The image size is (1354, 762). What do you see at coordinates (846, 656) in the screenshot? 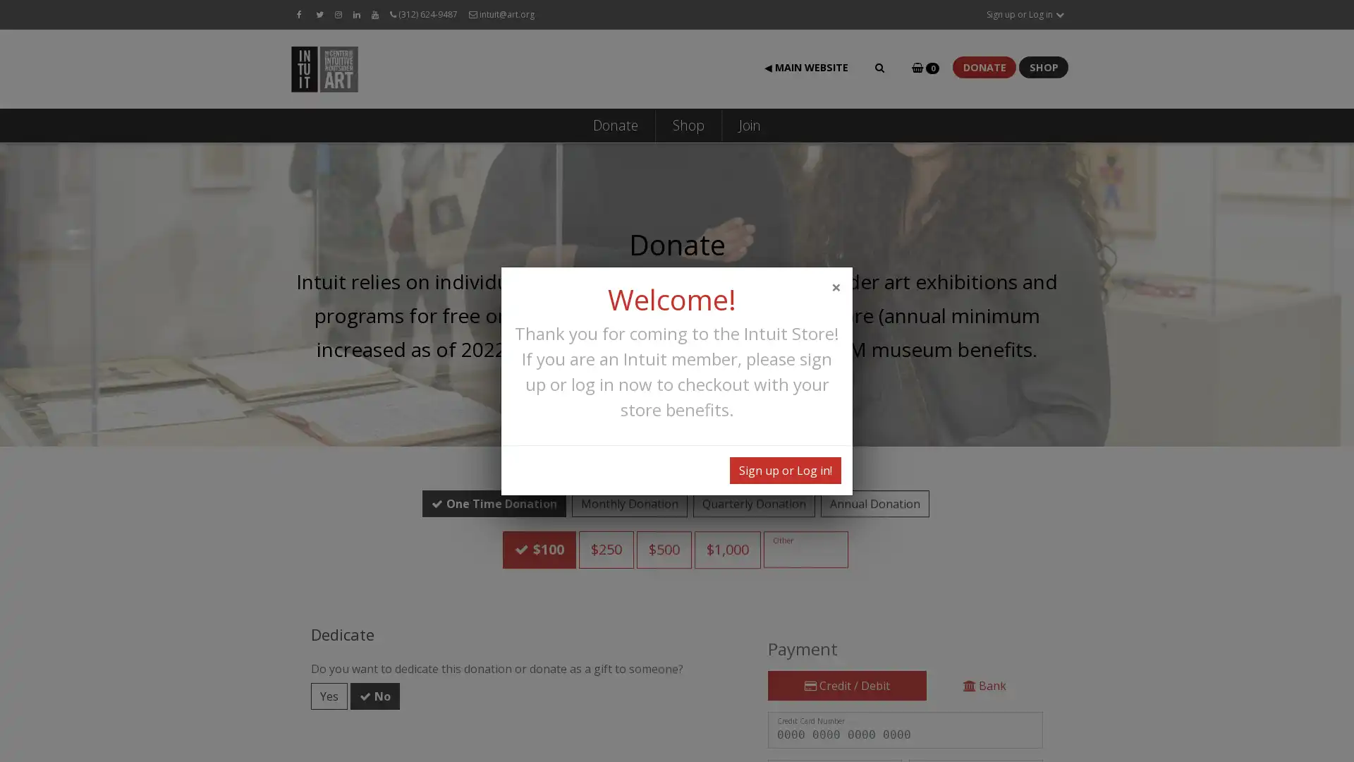
I see `Credit / Debit` at bounding box center [846, 656].